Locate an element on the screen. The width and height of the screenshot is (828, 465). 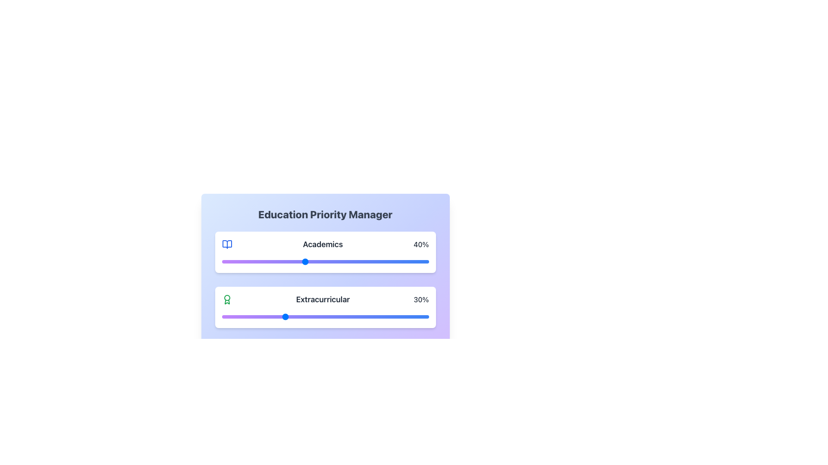
the green badge-like icon resembling an award symbol, which is located to the left of the 'Extracurricular' label in the user interface is located at coordinates (227, 299).